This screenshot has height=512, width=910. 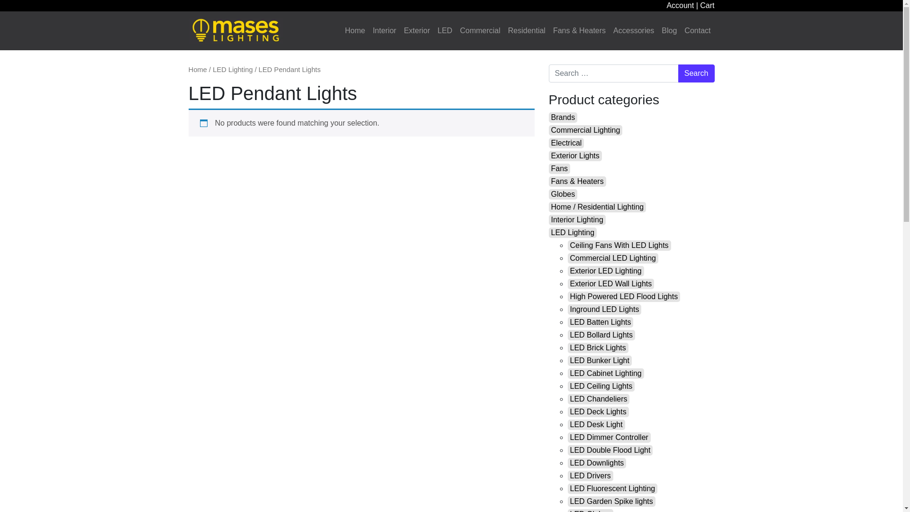 I want to click on 'Exterior LED Lighting', so click(x=605, y=271).